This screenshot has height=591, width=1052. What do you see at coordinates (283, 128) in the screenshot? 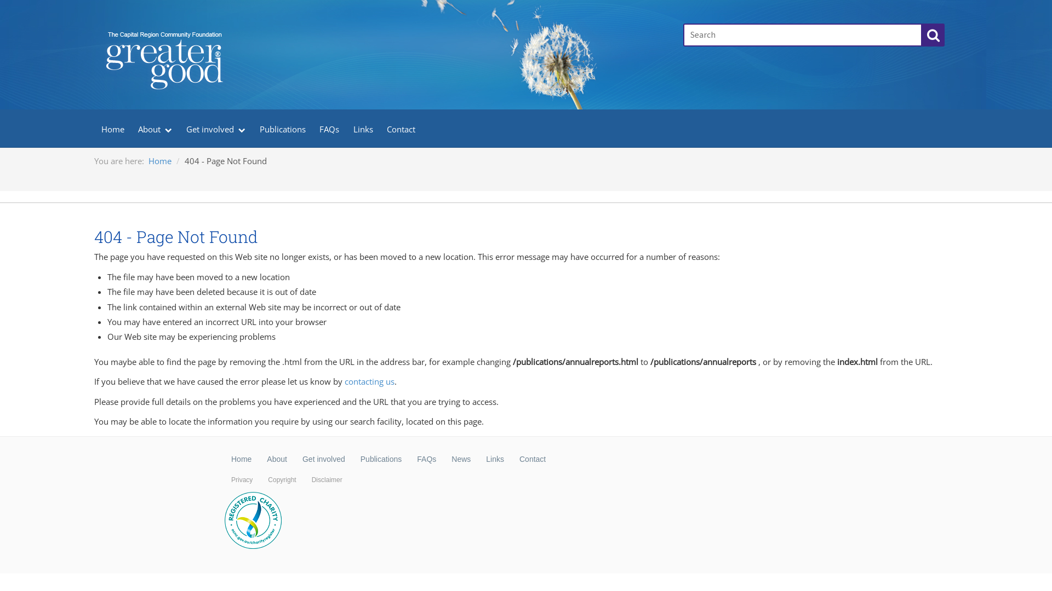
I see `'Publications'` at bounding box center [283, 128].